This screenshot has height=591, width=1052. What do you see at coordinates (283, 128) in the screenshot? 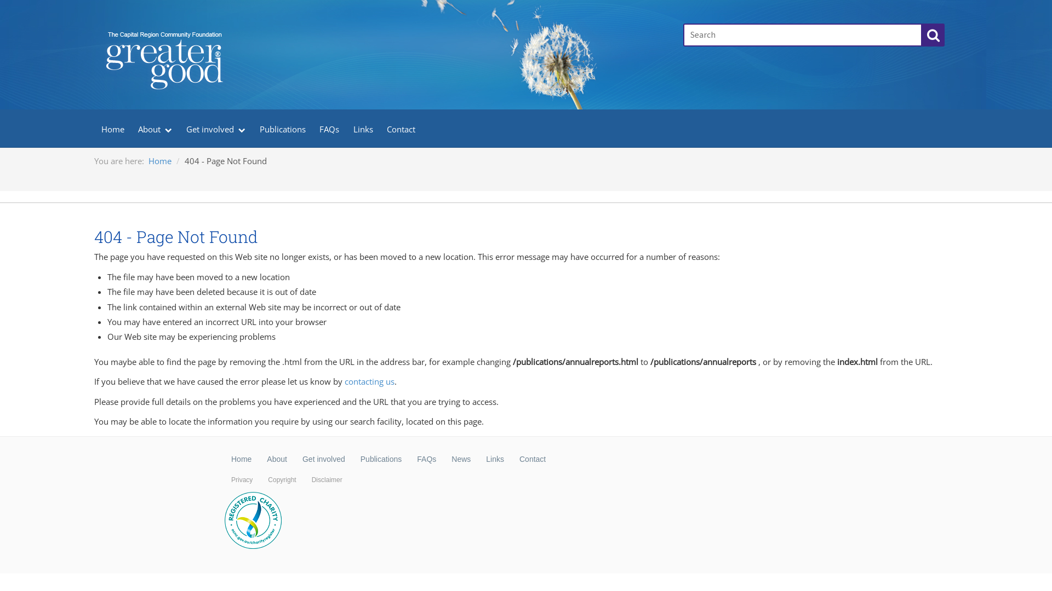
I see `'Publications'` at bounding box center [283, 128].